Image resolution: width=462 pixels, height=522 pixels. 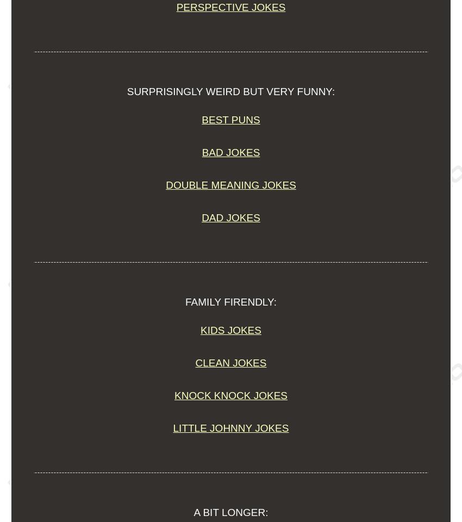 What do you see at coordinates (230, 302) in the screenshot?
I see `'Family Firendly:'` at bounding box center [230, 302].